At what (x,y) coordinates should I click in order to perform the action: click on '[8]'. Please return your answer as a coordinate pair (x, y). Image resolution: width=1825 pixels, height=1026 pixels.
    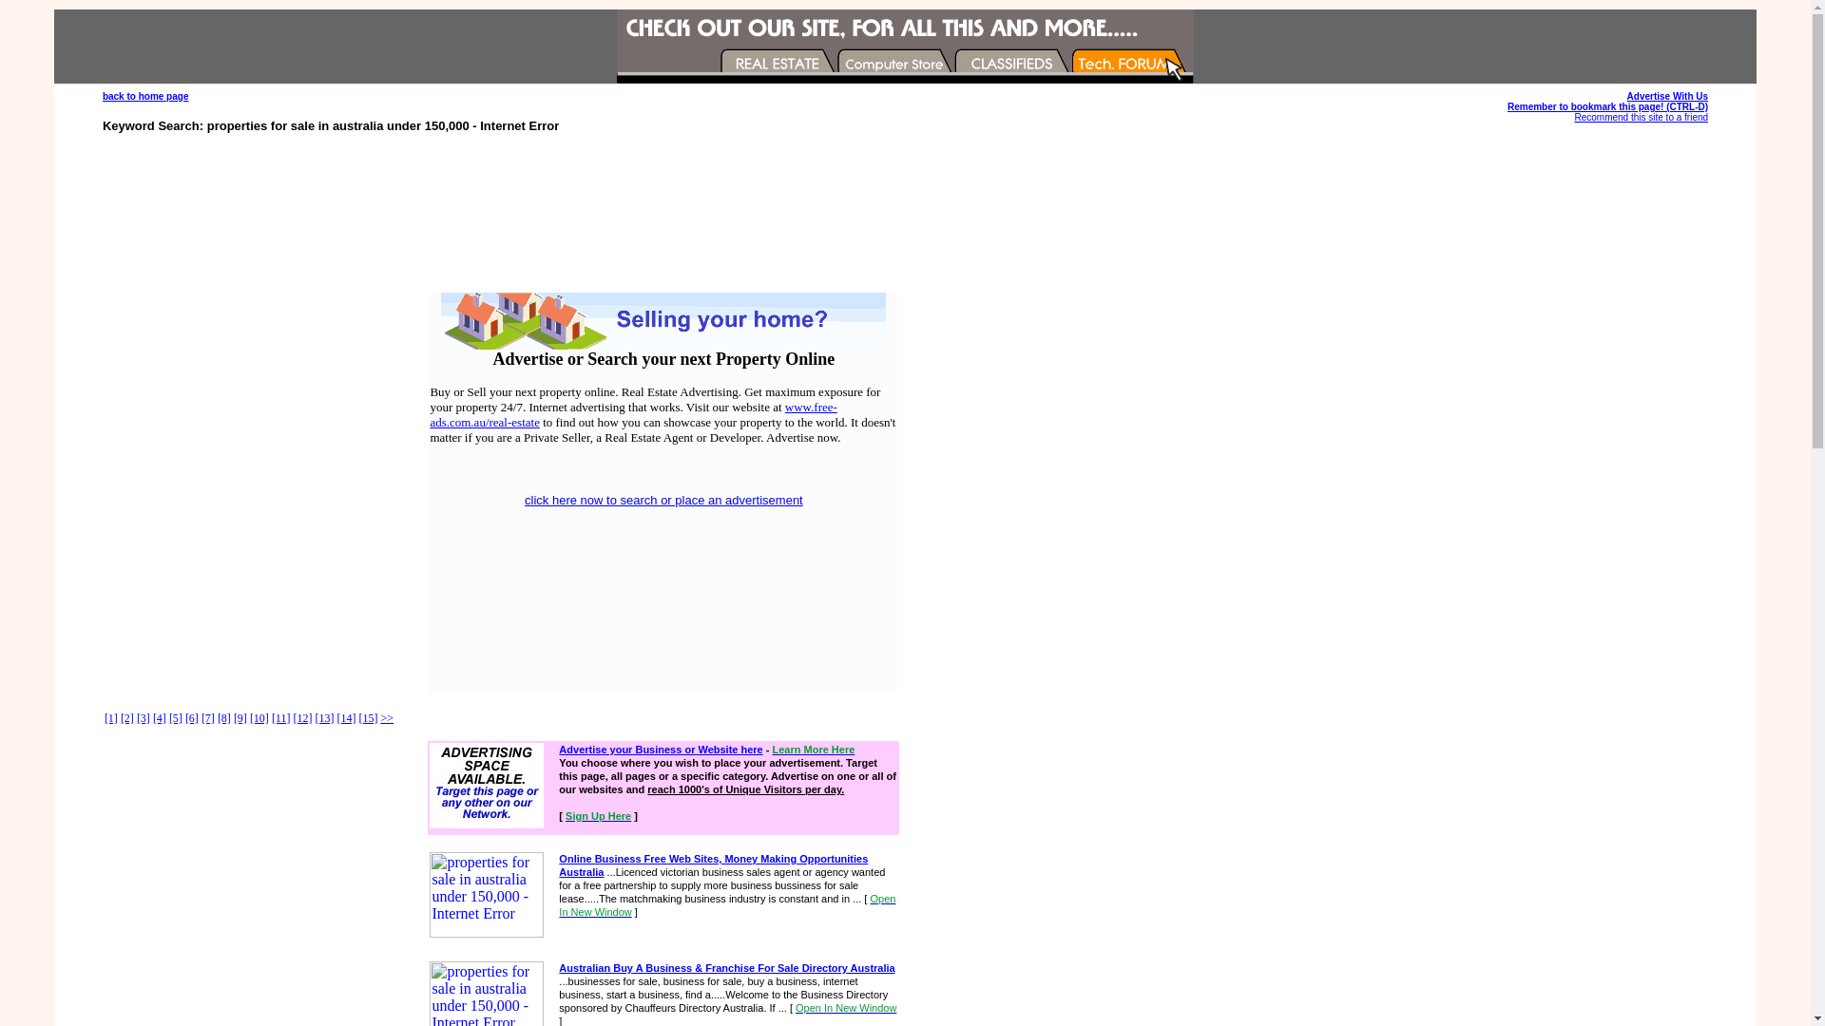
    Looking at the image, I should click on (223, 718).